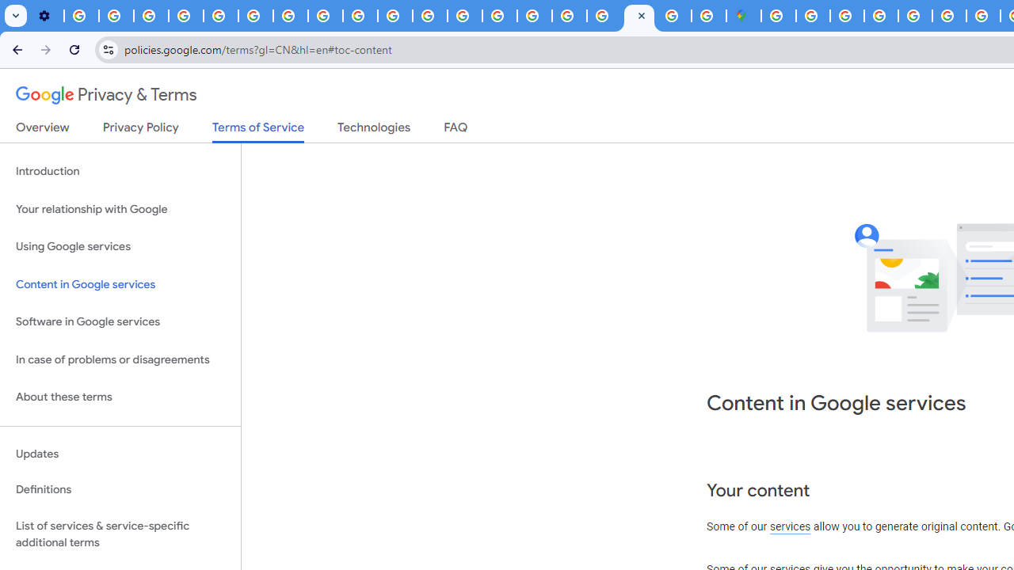 The image size is (1014, 570). What do you see at coordinates (46, 16) in the screenshot?
I see `'Settings - Customize profile'` at bounding box center [46, 16].